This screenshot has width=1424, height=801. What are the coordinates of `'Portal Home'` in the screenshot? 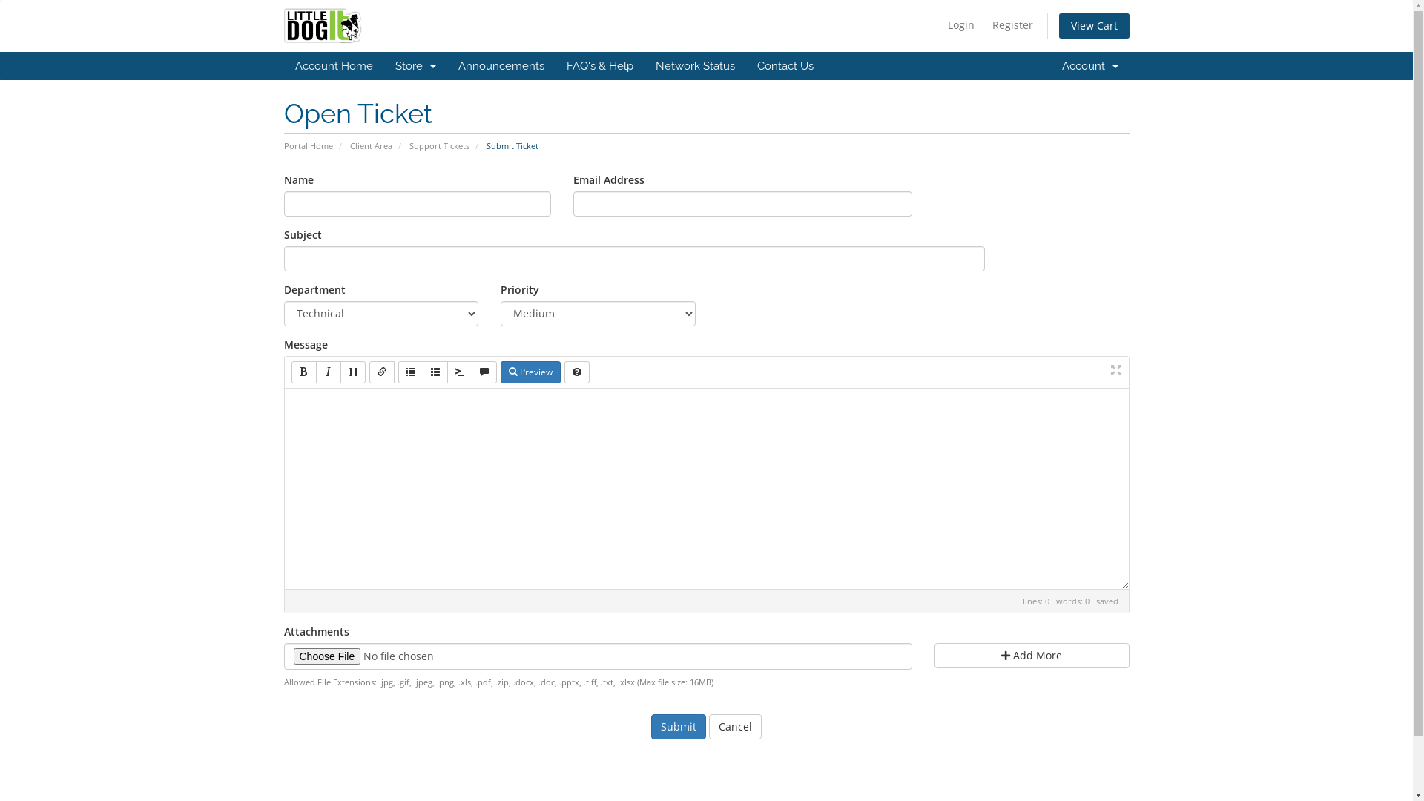 It's located at (283, 145).